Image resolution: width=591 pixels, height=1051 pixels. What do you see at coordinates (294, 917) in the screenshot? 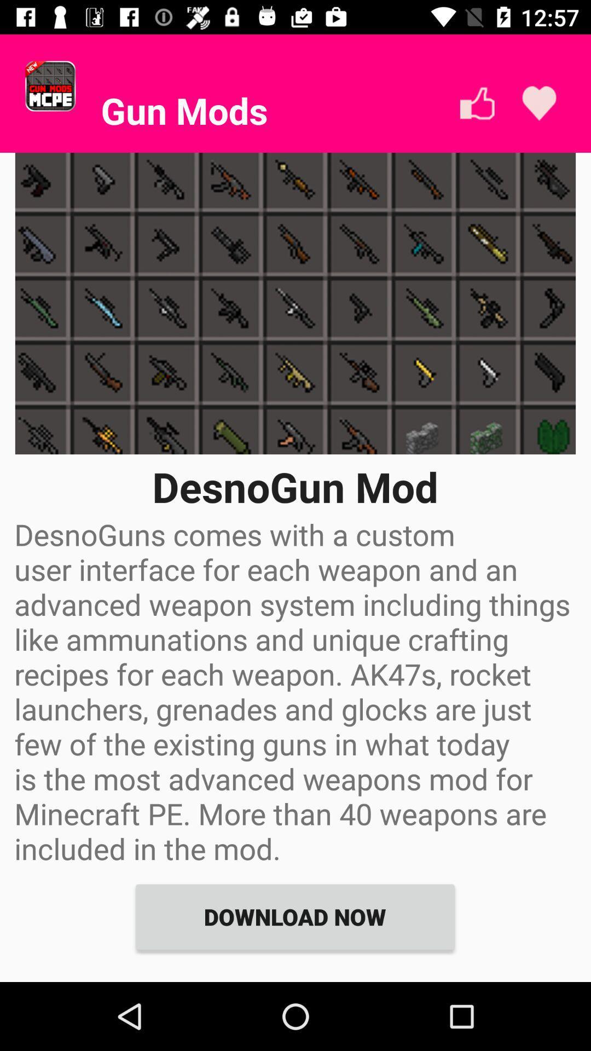
I see `the download now icon` at bounding box center [294, 917].